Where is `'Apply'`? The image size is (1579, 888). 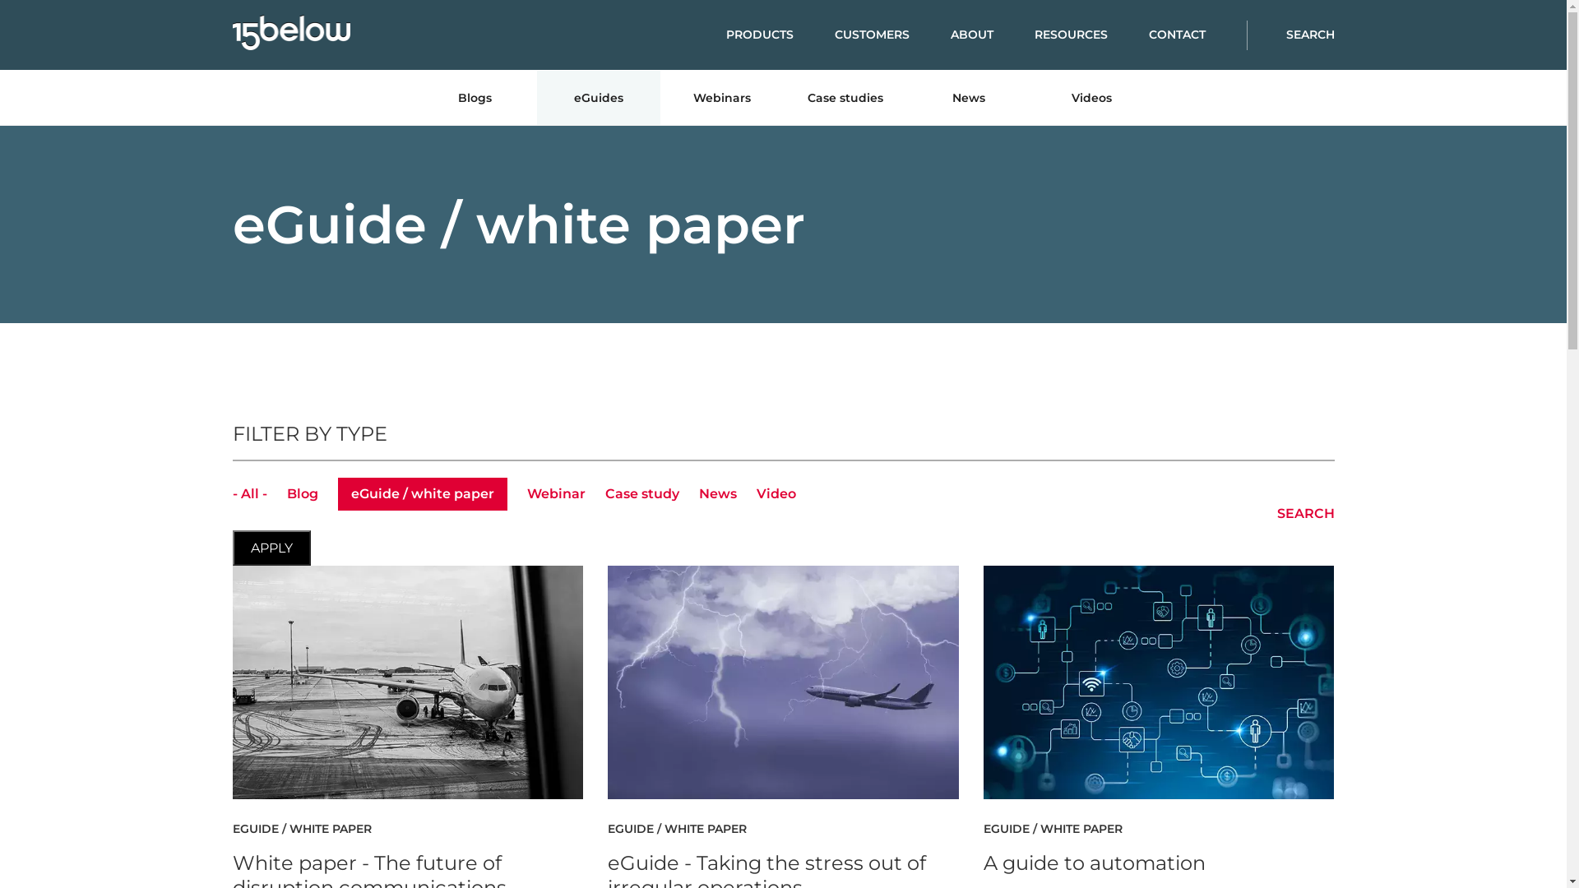 'Apply' is located at coordinates (271, 548).